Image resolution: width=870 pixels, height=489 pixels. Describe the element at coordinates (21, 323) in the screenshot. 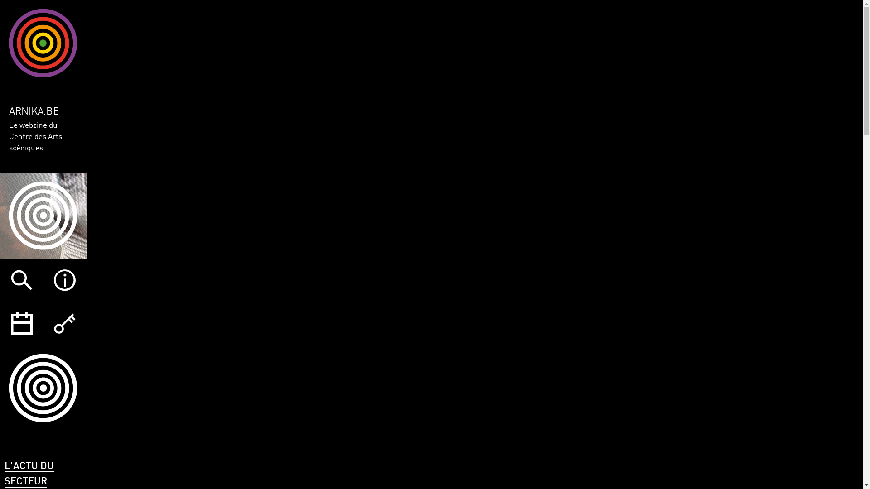

I see `'Agenda'` at that location.